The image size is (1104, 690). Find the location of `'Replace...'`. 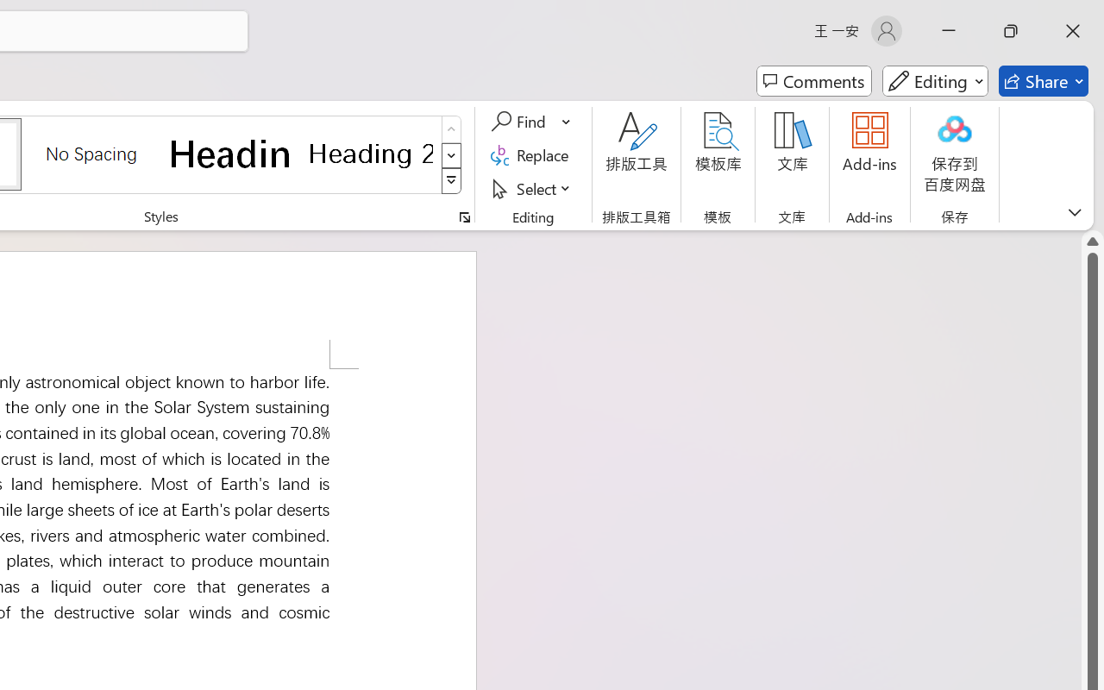

'Replace...' is located at coordinates (531, 154).